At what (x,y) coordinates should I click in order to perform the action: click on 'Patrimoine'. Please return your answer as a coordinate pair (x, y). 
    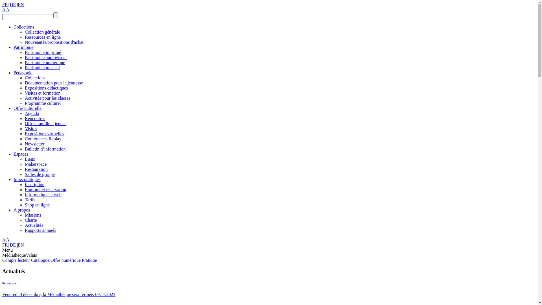
    Looking at the image, I should click on (23, 47).